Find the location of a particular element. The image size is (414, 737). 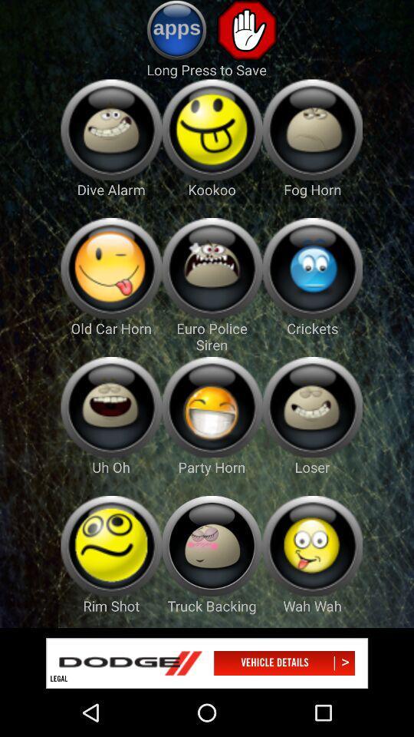

the 2nd emoji from the 2nd row is located at coordinates (211, 269).